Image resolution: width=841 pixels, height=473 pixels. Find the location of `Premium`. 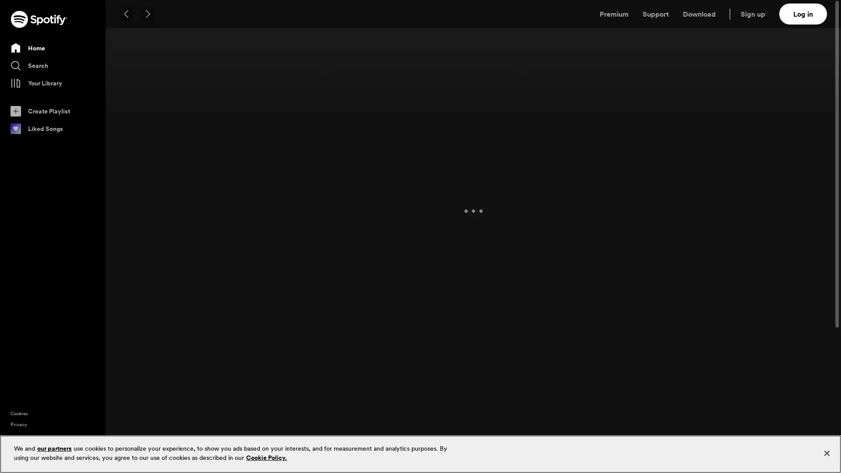

Premium is located at coordinates (613, 14).